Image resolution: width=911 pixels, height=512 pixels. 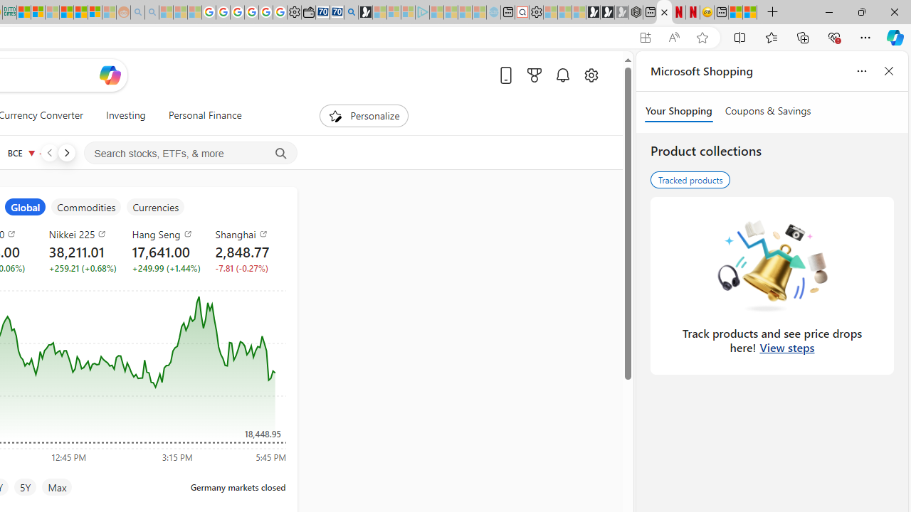 What do you see at coordinates (365, 12) in the screenshot?
I see `'Microsoft Start Gaming'` at bounding box center [365, 12].